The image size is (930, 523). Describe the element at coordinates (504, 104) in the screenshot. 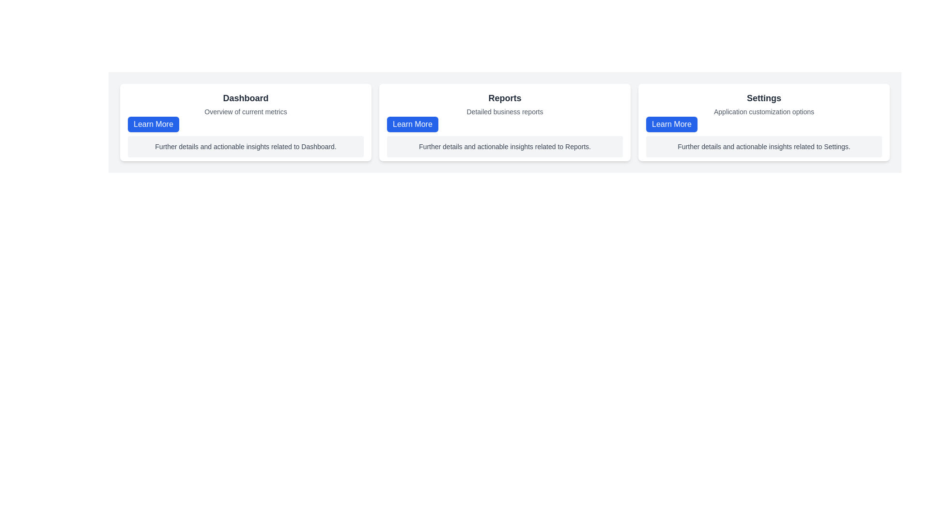

I see `the Text block with a header and subtitle that provides a concise summary of detailed business reports, positioned in the upper region of the middle card above the blue 'Learn More' button` at that location.